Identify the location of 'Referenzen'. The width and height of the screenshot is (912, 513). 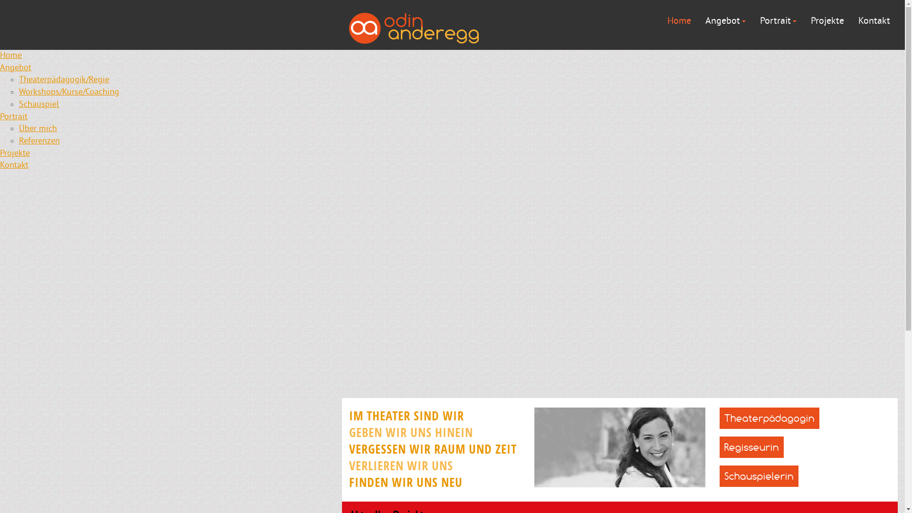
(19, 141).